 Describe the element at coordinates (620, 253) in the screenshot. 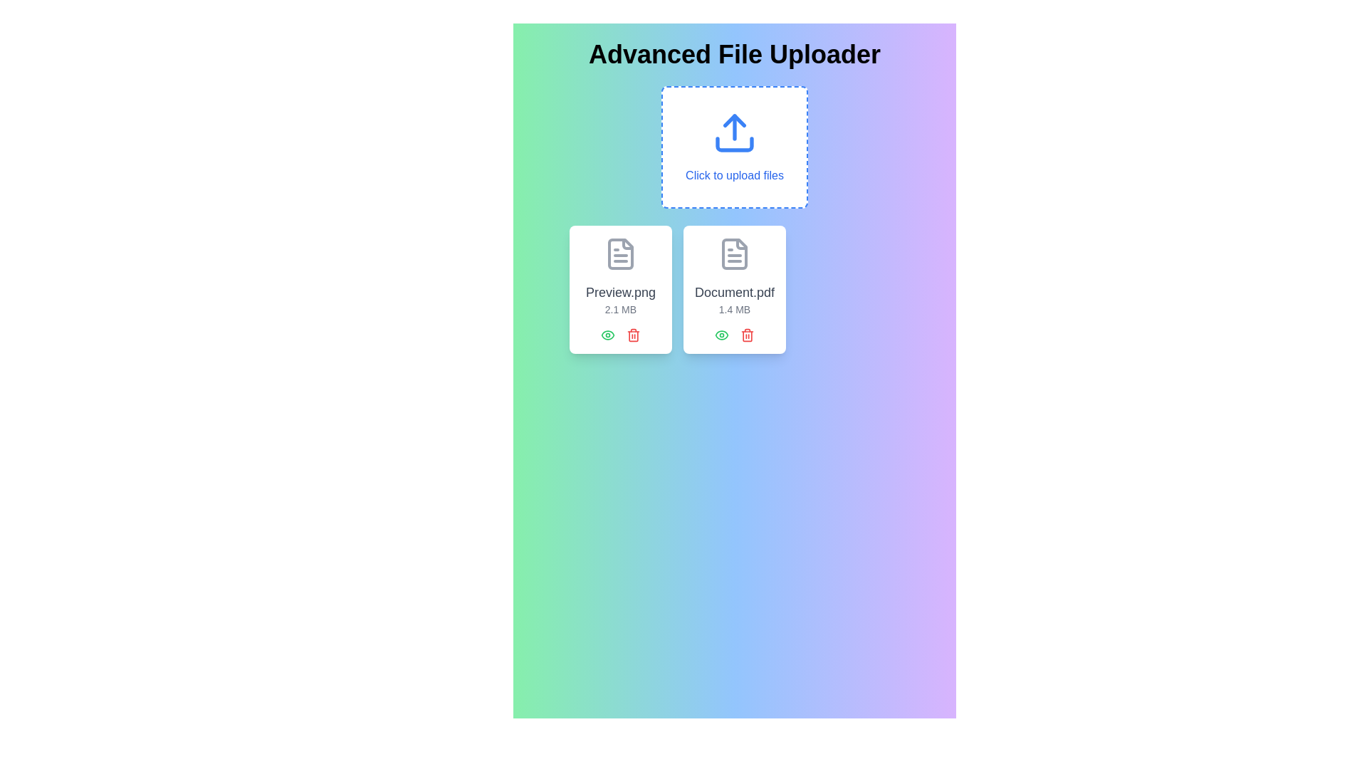

I see `the document icon illustrating a file type, styled in gray, located at the top of the card labeled 'Preview.png 2.1 MB'` at that location.